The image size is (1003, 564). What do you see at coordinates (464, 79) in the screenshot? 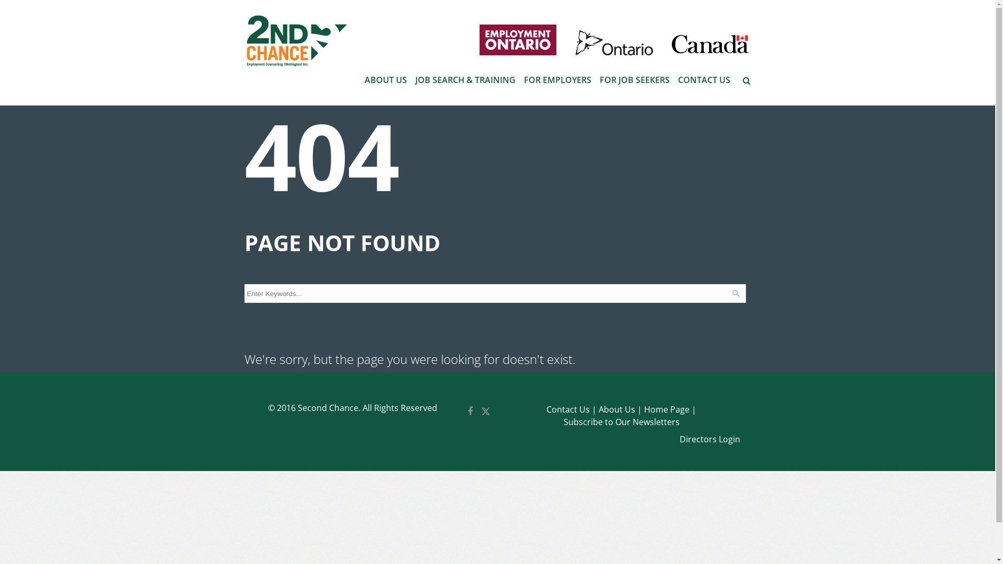
I see `'JOB SEARCH & TRAINING'` at bounding box center [464, 79].